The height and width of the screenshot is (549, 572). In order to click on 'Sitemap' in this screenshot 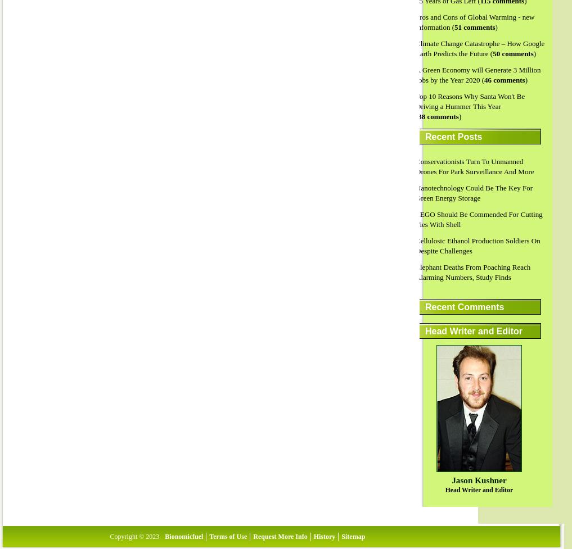, I will do `click(353, 536)`.